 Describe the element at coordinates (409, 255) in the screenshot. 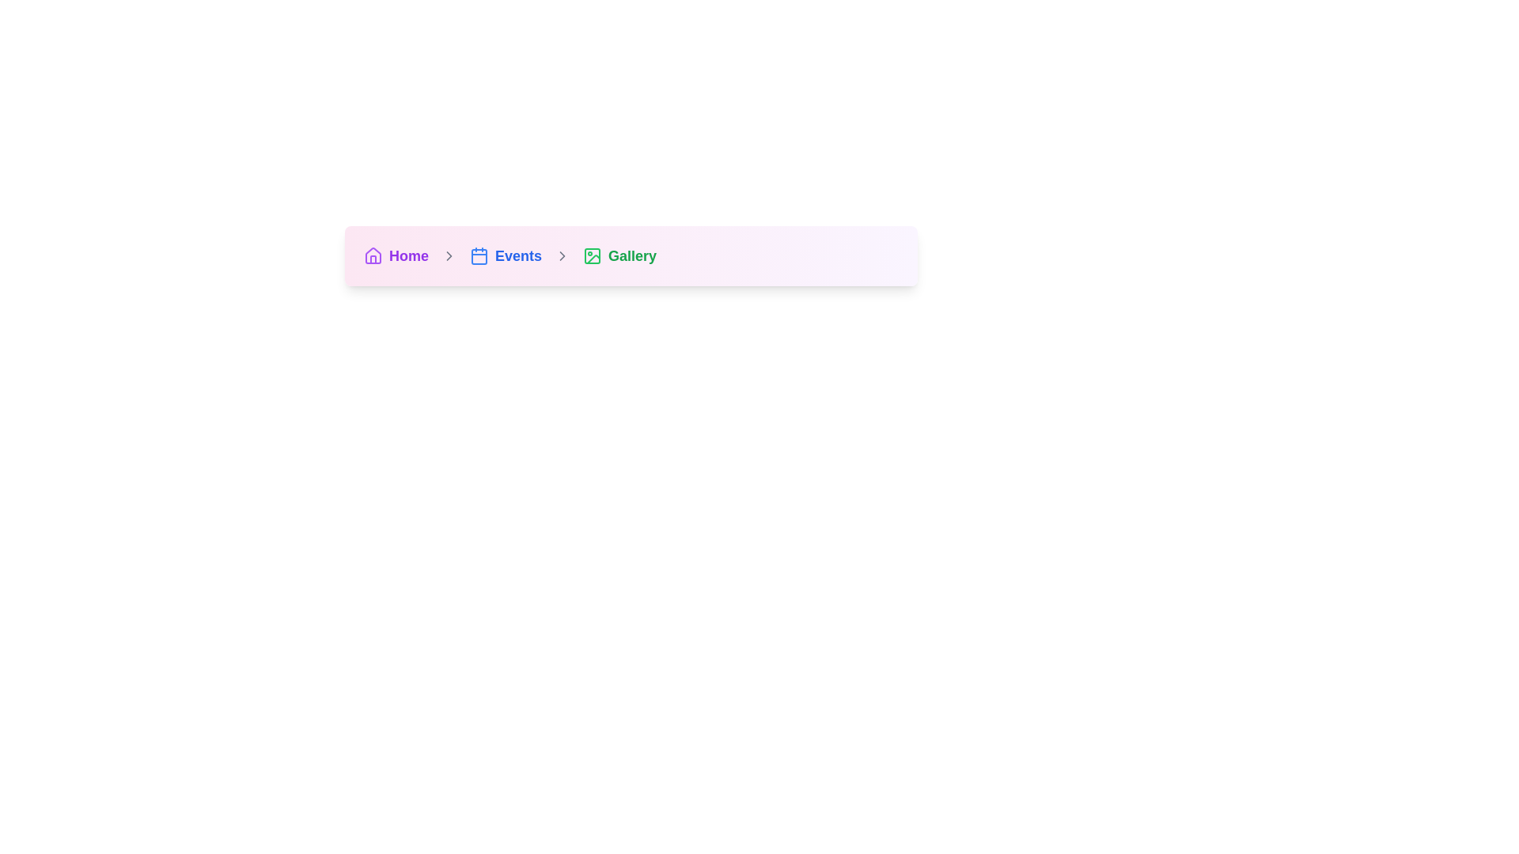

I see `the first clickable text element` at that location.